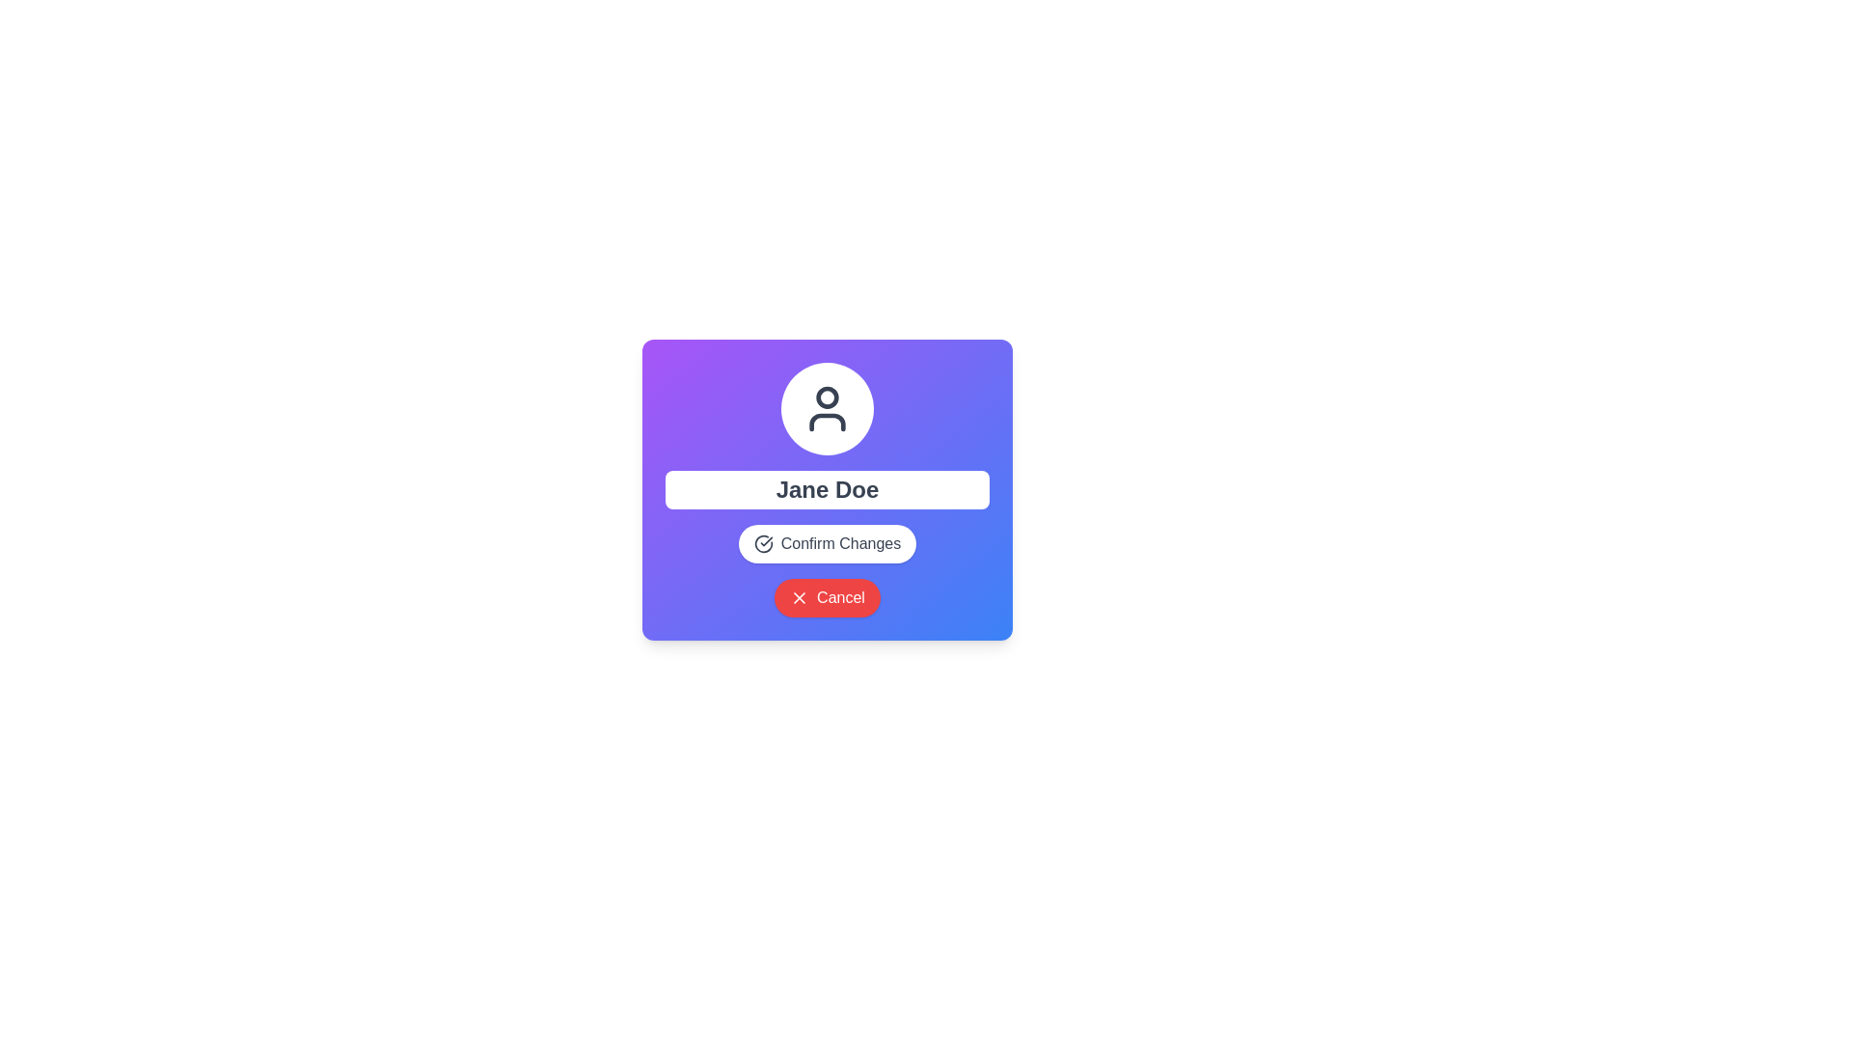  What do you see at coordinates (828, 408) in the screenshot?
I see `the user avatar icon located at the top of the card, which is represented by a circular background and is positioned directly above the text input field displaying 'Jane Doe'` at bounding box center [828, 408].